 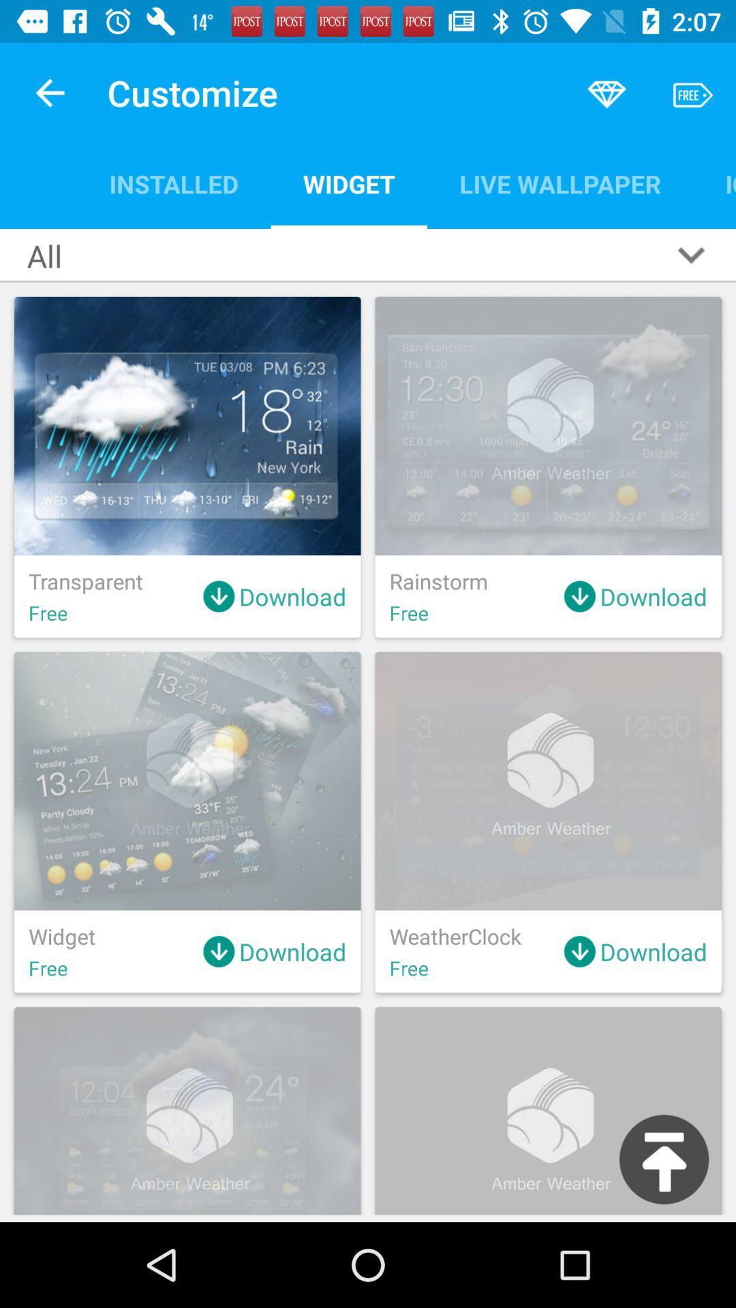 I want to click on the icon to the right of the live wallpaper icon, so click(x=714, y=183).